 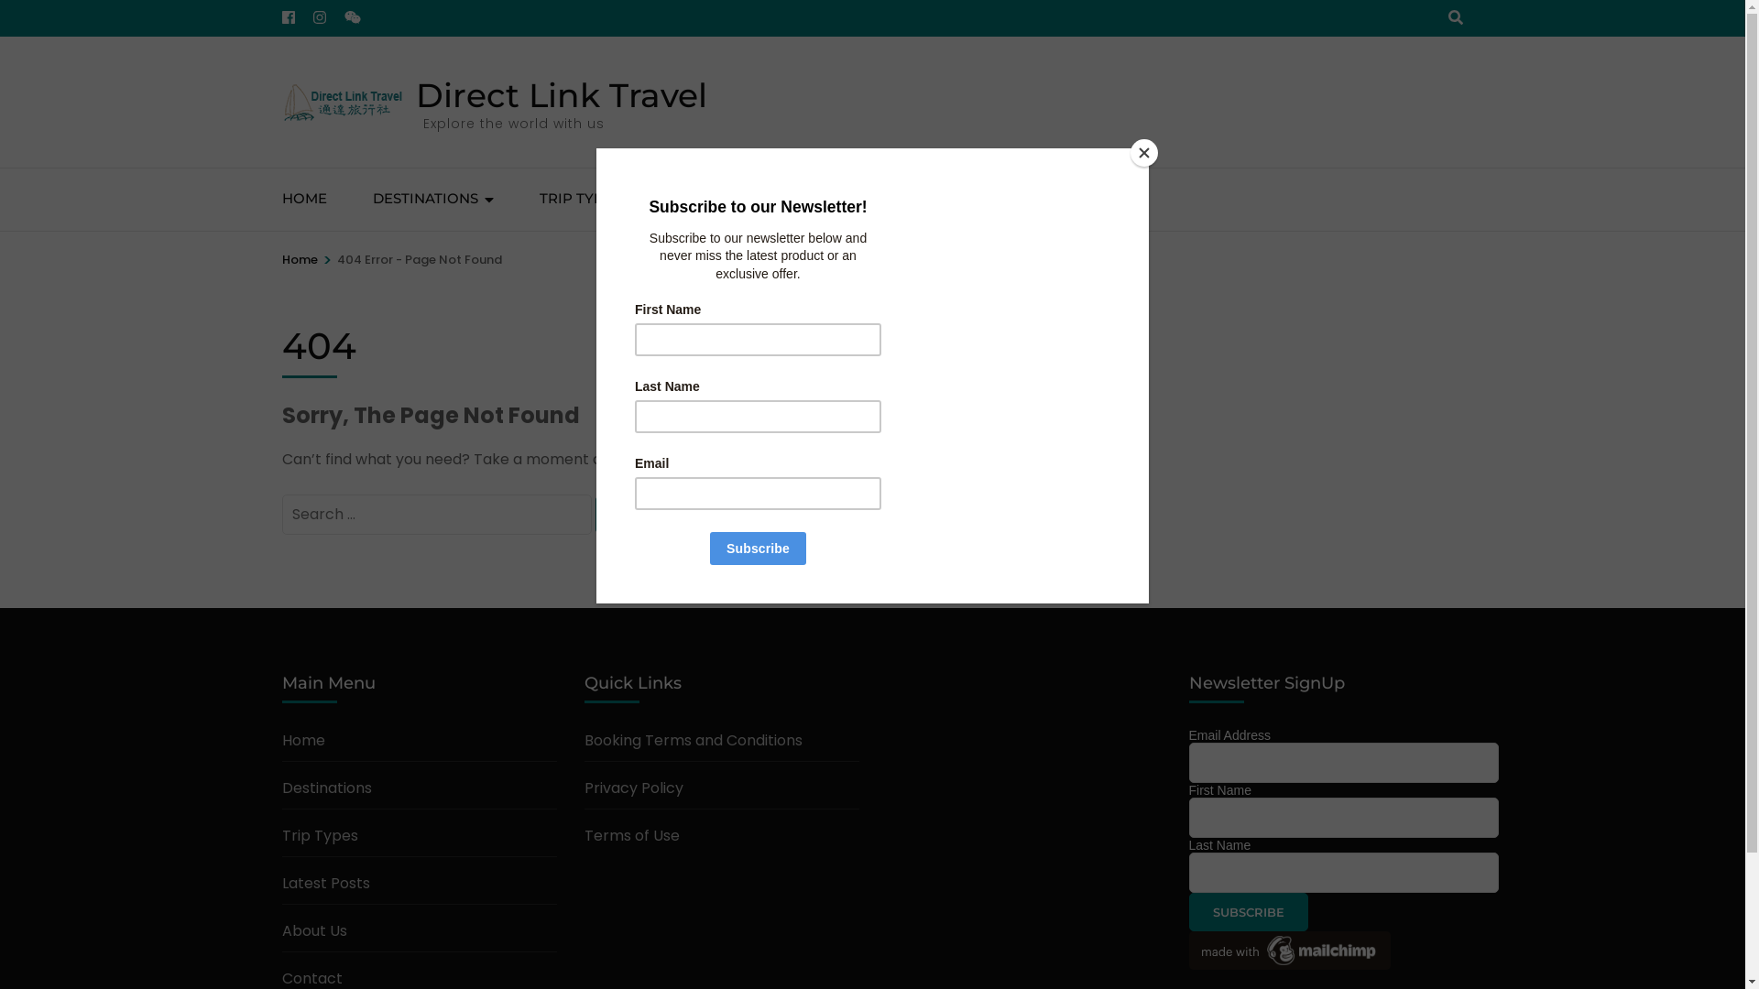 What do you see at coordinates (300, 260) in the screenshot?
I see `'Home'` at bounding box center [300, 260].